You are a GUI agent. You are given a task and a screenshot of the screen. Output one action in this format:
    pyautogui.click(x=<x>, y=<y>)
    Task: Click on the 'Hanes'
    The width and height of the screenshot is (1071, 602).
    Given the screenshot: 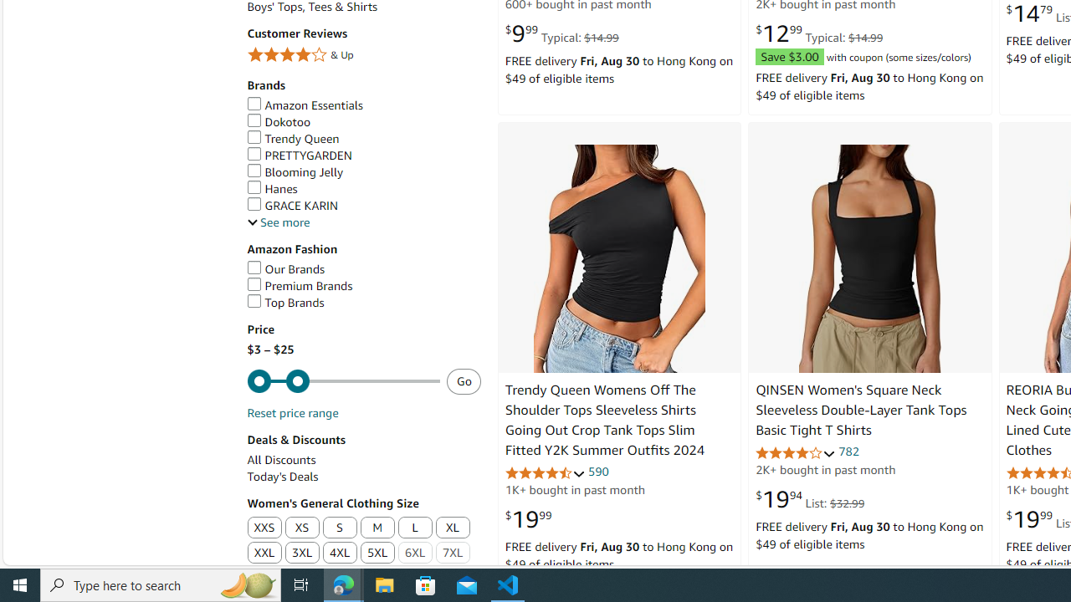 What is the action you would take?
    pyautogui.click(x=272, y=188)
    